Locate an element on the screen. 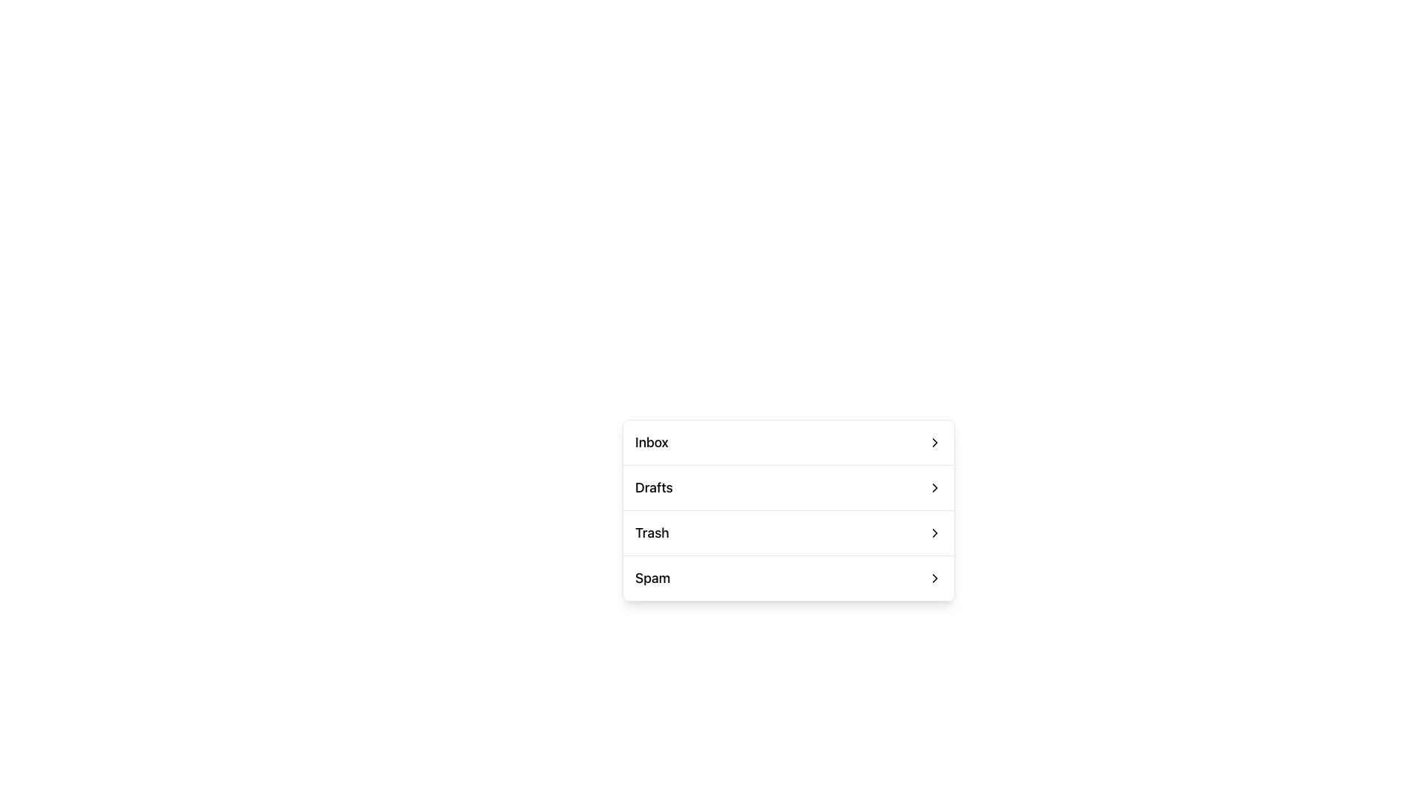 The width and height of the screenshot is (1425, 801). the 'Trash' navigation list item, which is the third item in the vertical menu is located at coordinates (787, 532).